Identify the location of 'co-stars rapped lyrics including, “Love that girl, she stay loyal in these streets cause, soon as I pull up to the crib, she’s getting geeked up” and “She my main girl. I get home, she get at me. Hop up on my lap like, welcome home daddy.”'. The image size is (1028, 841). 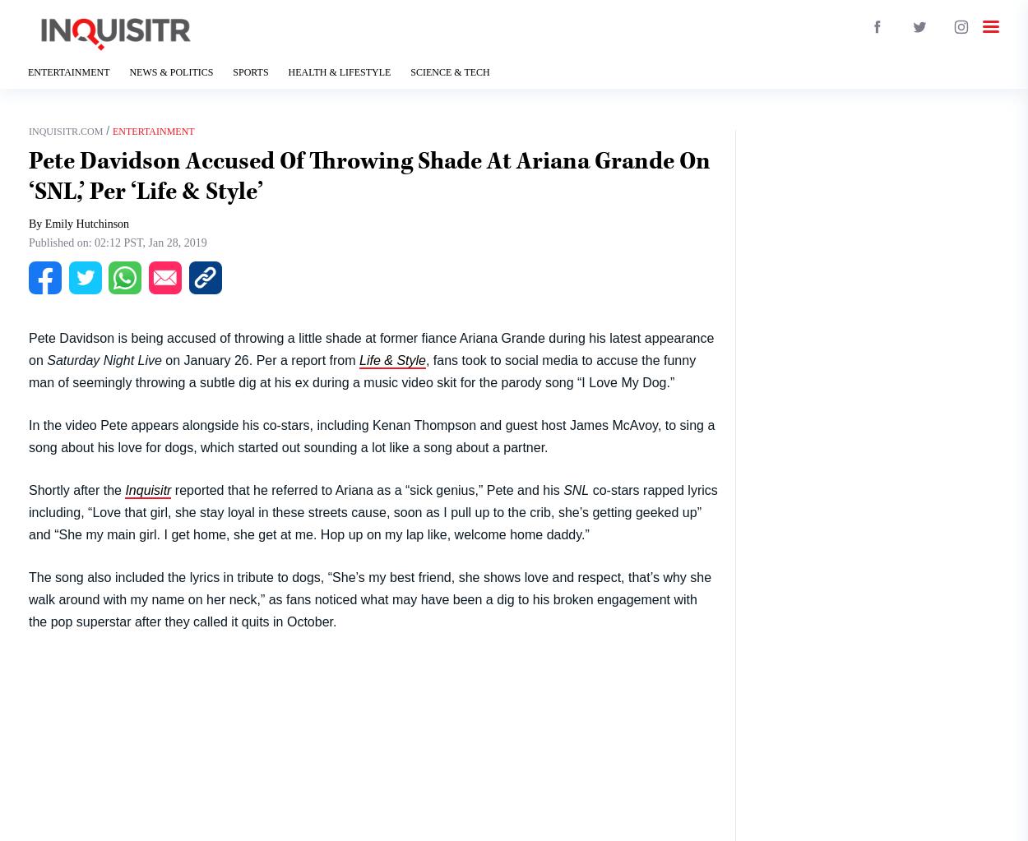
(372, 511).